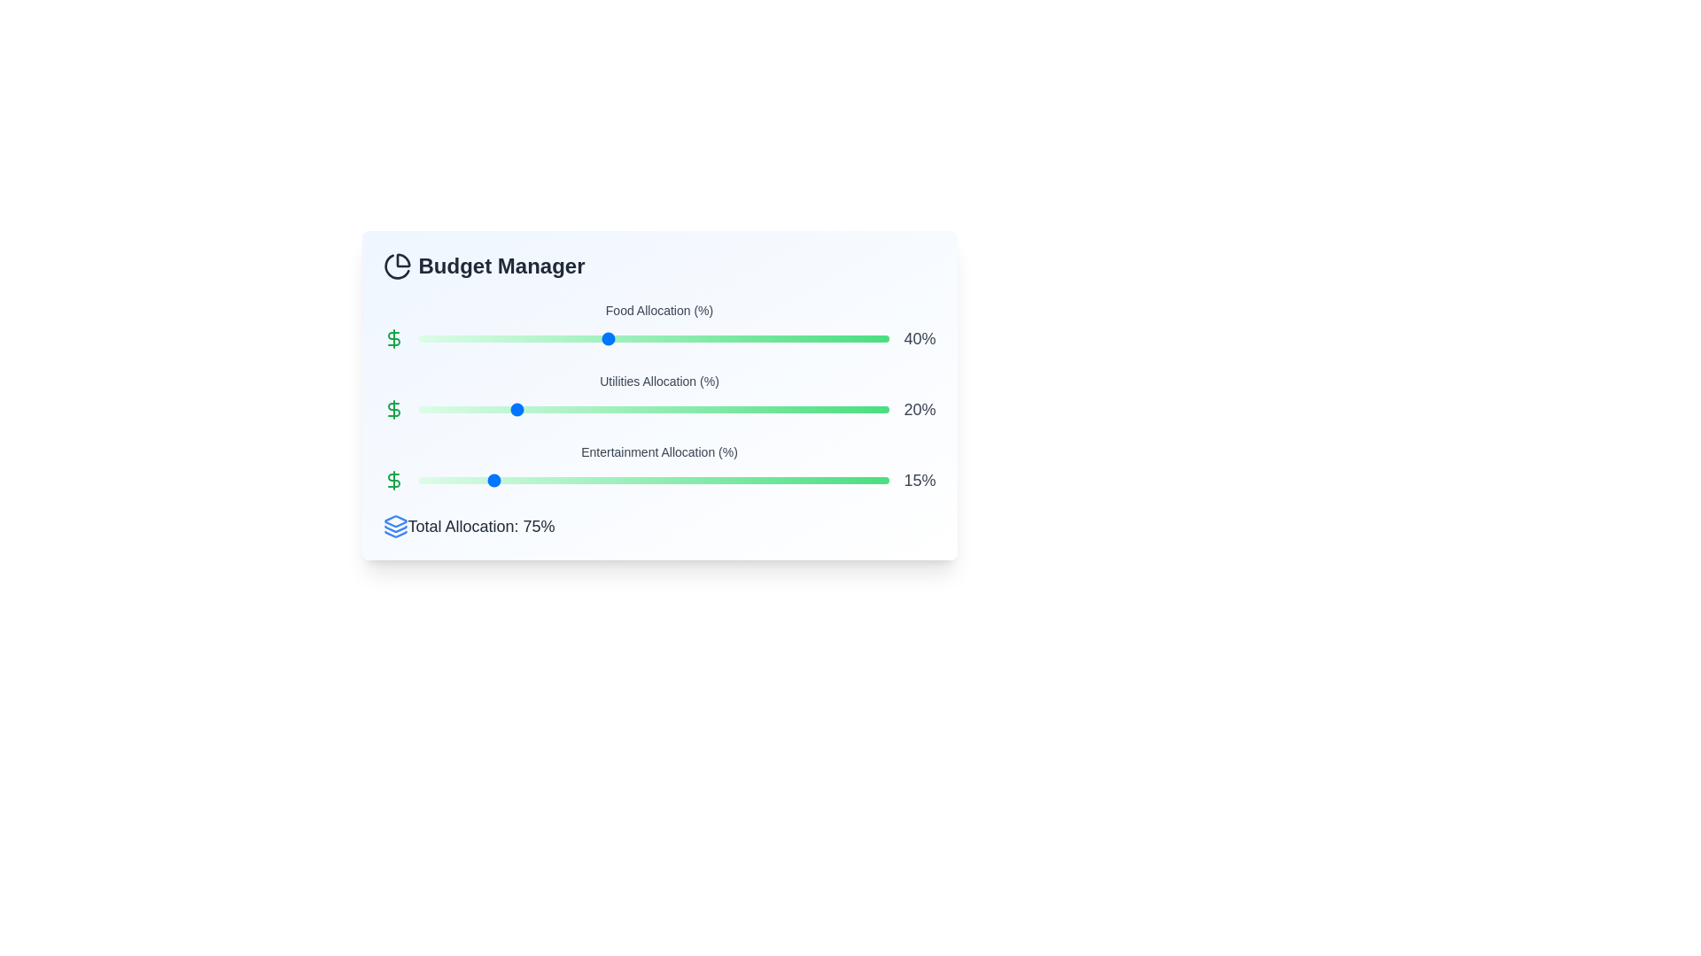  What do you see at coordinates (653, 338) in the screenshot?
I see `the slider for Food allocation` at bounding box center [653, 338].